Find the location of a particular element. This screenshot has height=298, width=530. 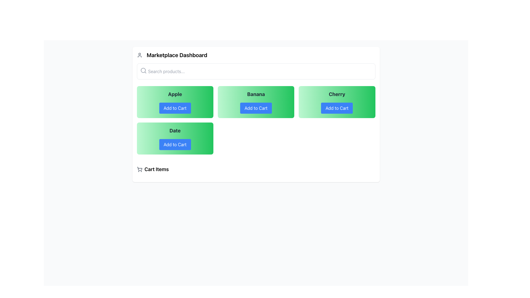

the user profile silhouette icon located in the header section, positioned immediately to the left of the 'Marketplace Dashboard' text is located at coordinates (139, 55).